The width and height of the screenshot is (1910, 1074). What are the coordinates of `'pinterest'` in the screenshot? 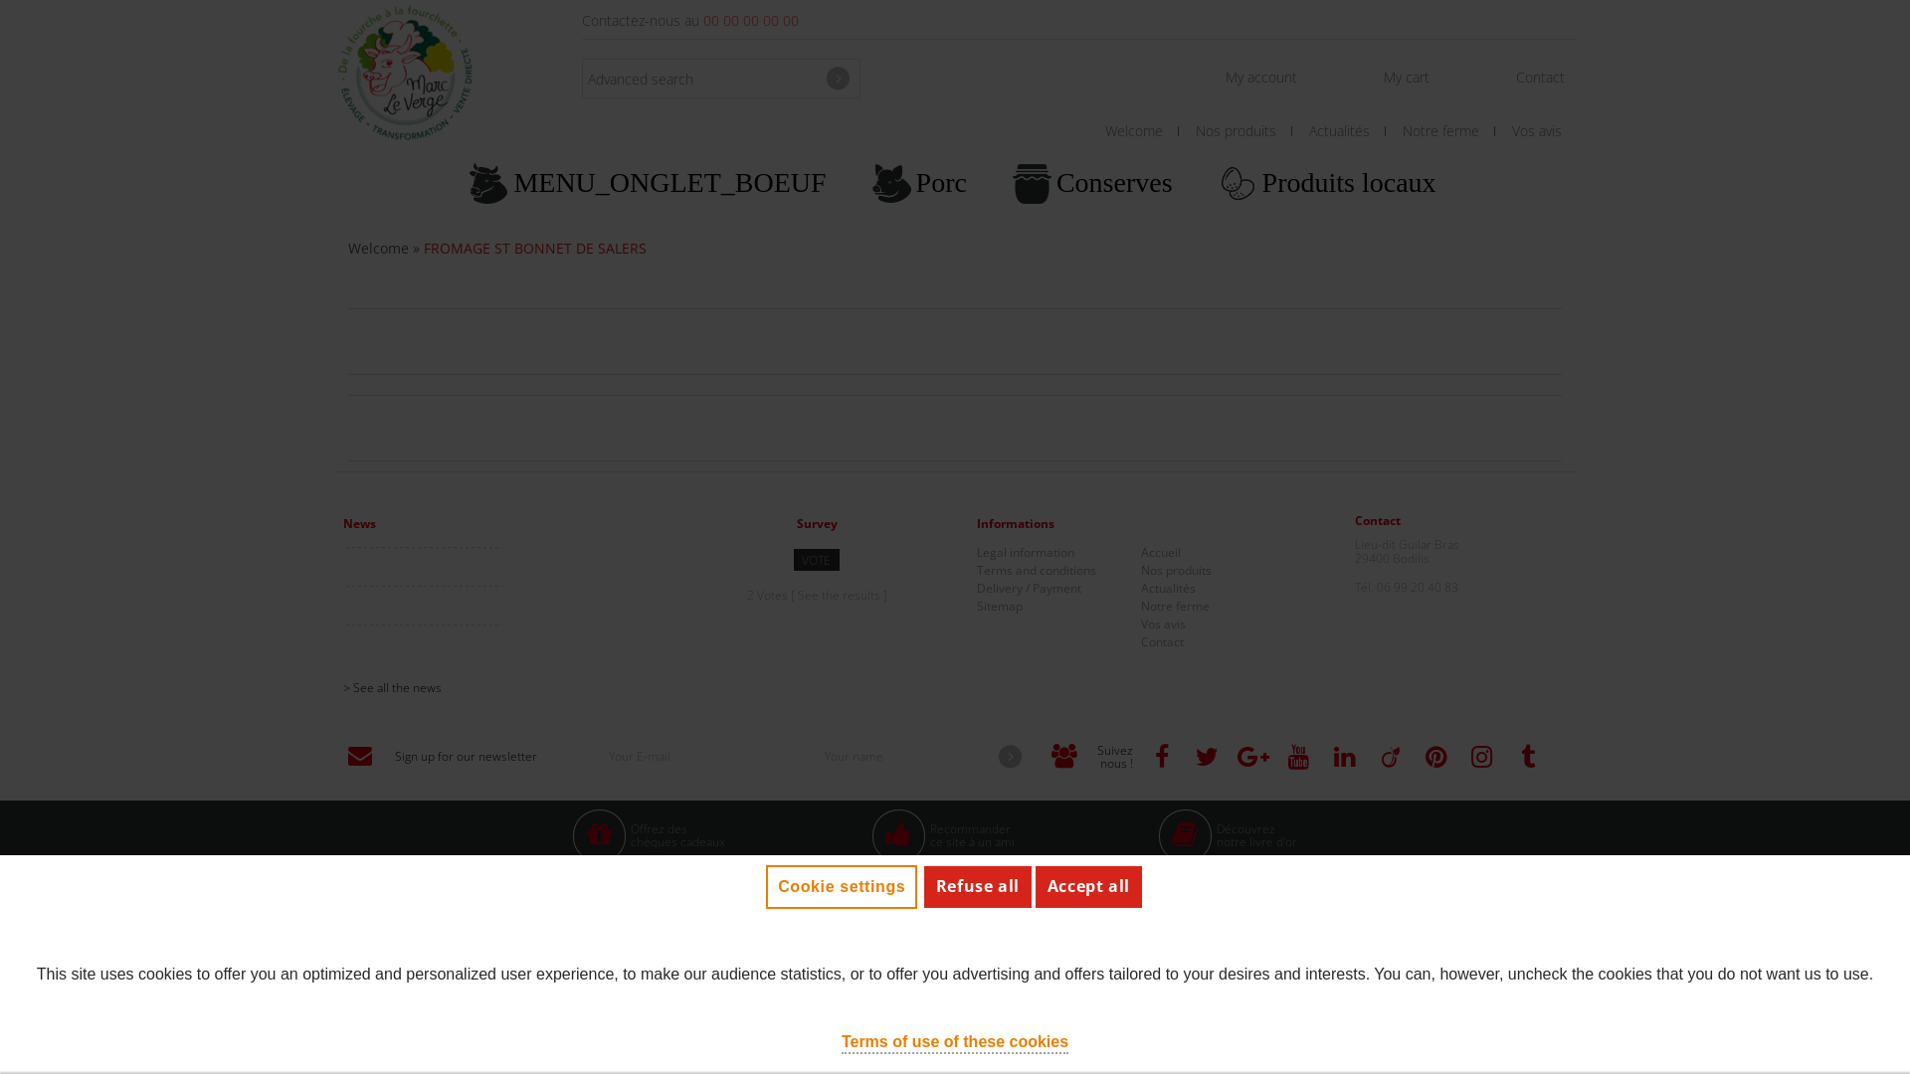 It's located at (1435, 757).